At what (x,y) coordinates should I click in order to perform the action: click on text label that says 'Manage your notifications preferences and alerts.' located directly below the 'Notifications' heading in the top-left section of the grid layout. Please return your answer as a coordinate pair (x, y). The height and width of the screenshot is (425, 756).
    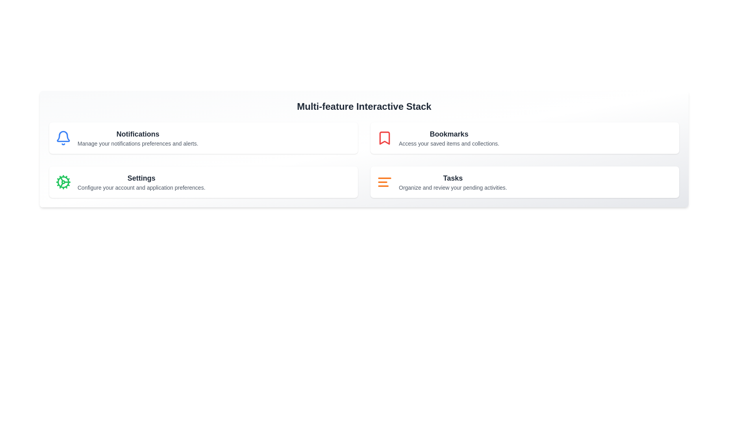
    Looking at the image, I should click on (138, 144).